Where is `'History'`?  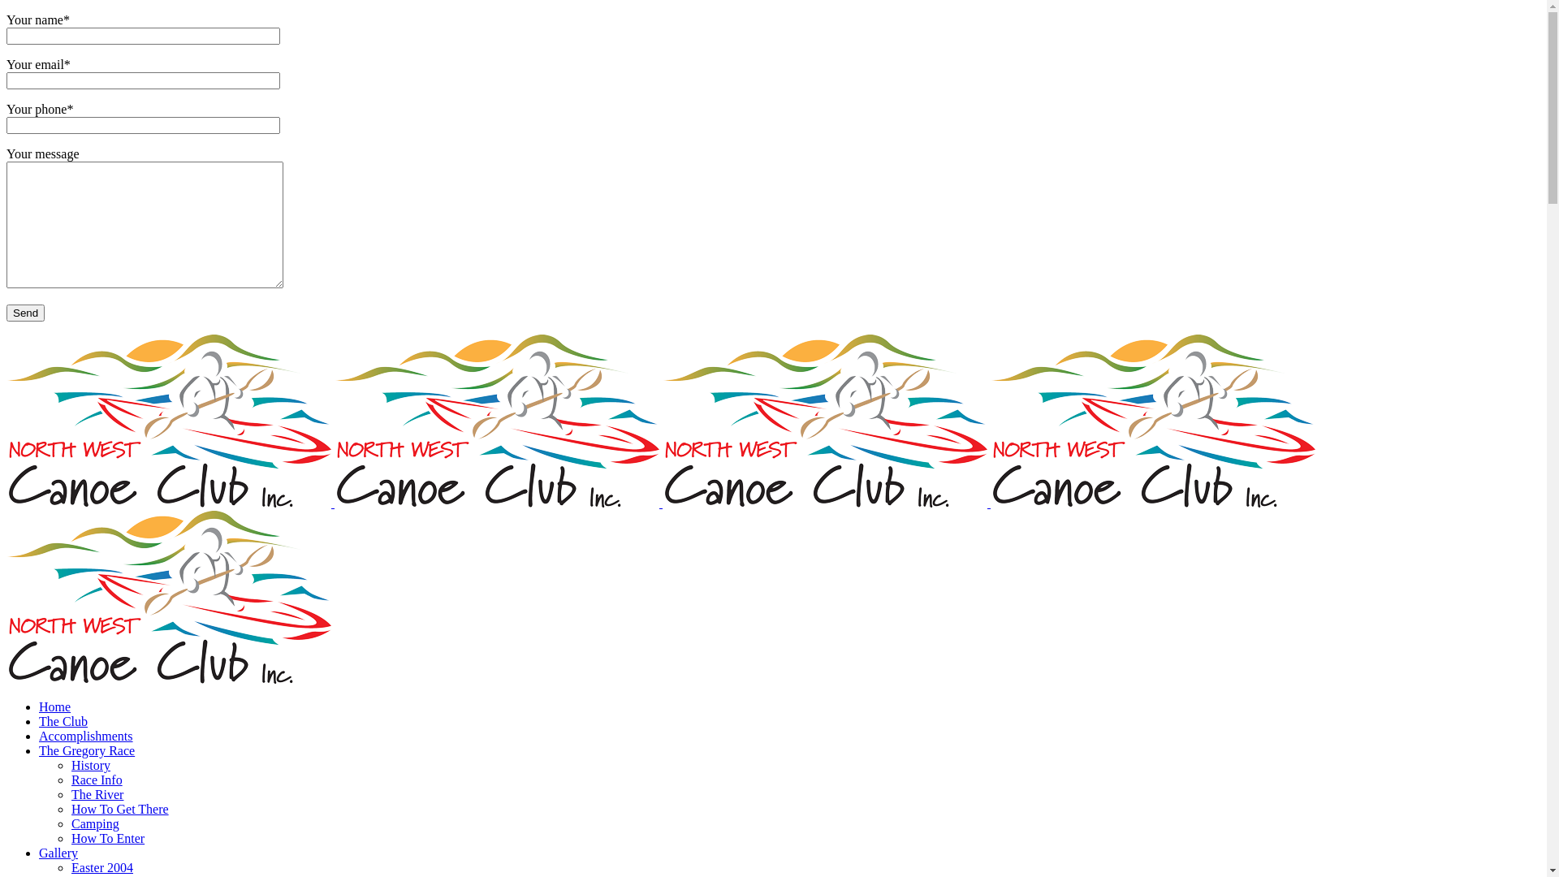 'History' is located at coordinates (89, 765).